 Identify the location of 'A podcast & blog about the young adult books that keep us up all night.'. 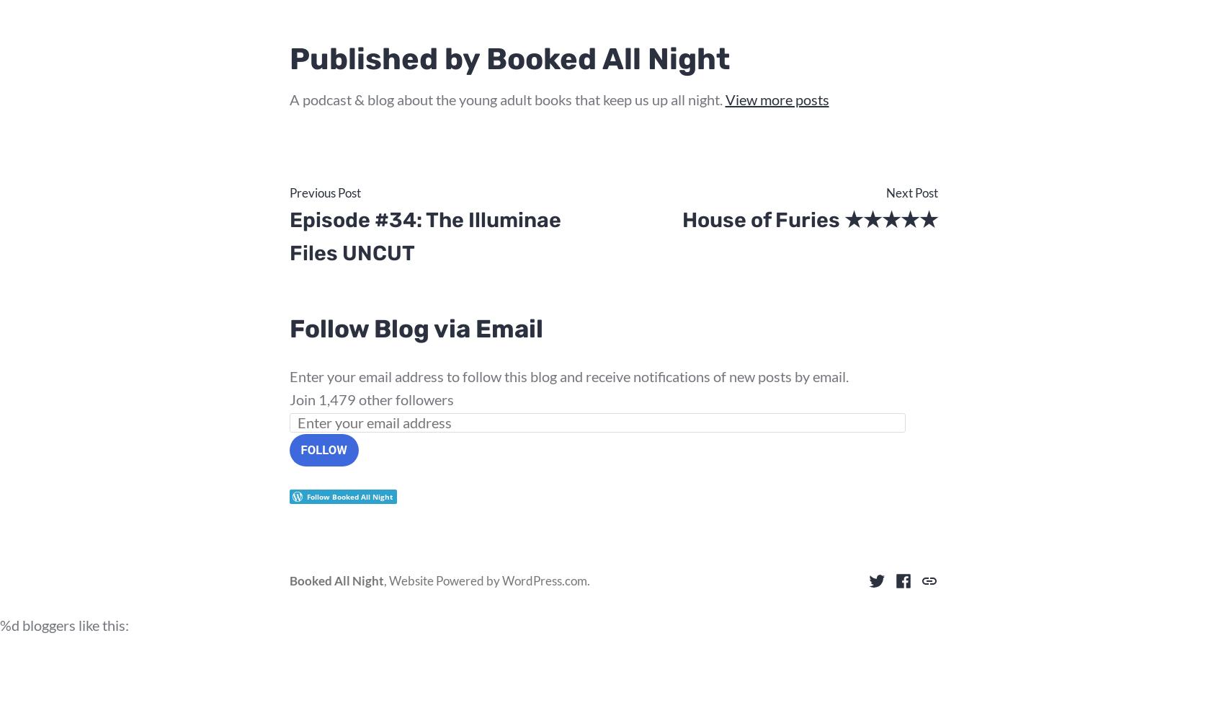
(507, 99).